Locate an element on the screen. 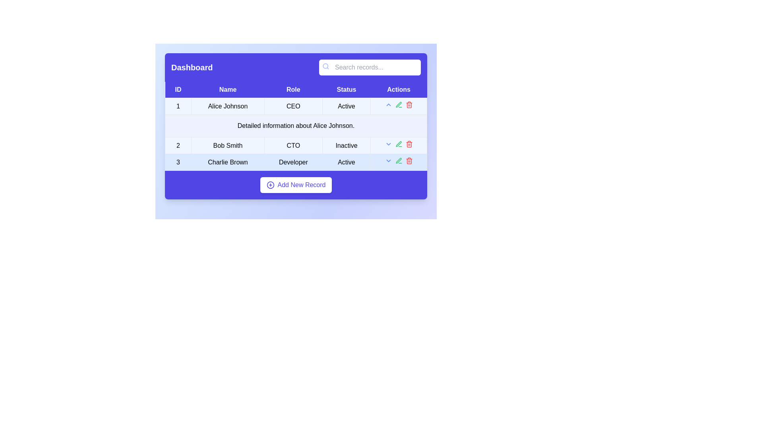 The width and height of the screenshot is (763, 429). the search icon located at the top right of the interface is located at coordinates (326, 66).